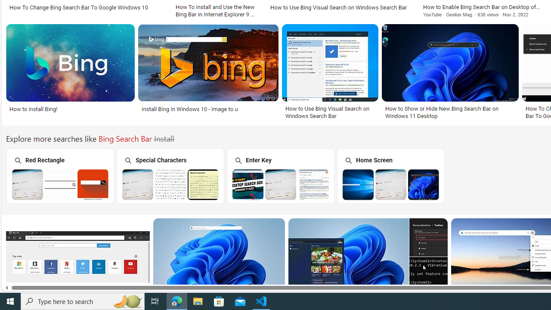  I want to click on 'Home Screen', so click(390, 175).